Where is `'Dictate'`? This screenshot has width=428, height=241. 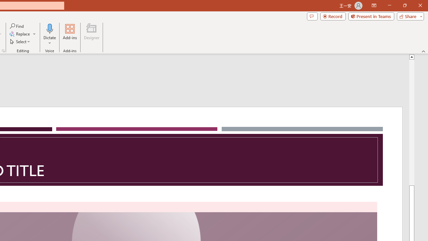
'Dictate' is located at coordinates (49, 28).